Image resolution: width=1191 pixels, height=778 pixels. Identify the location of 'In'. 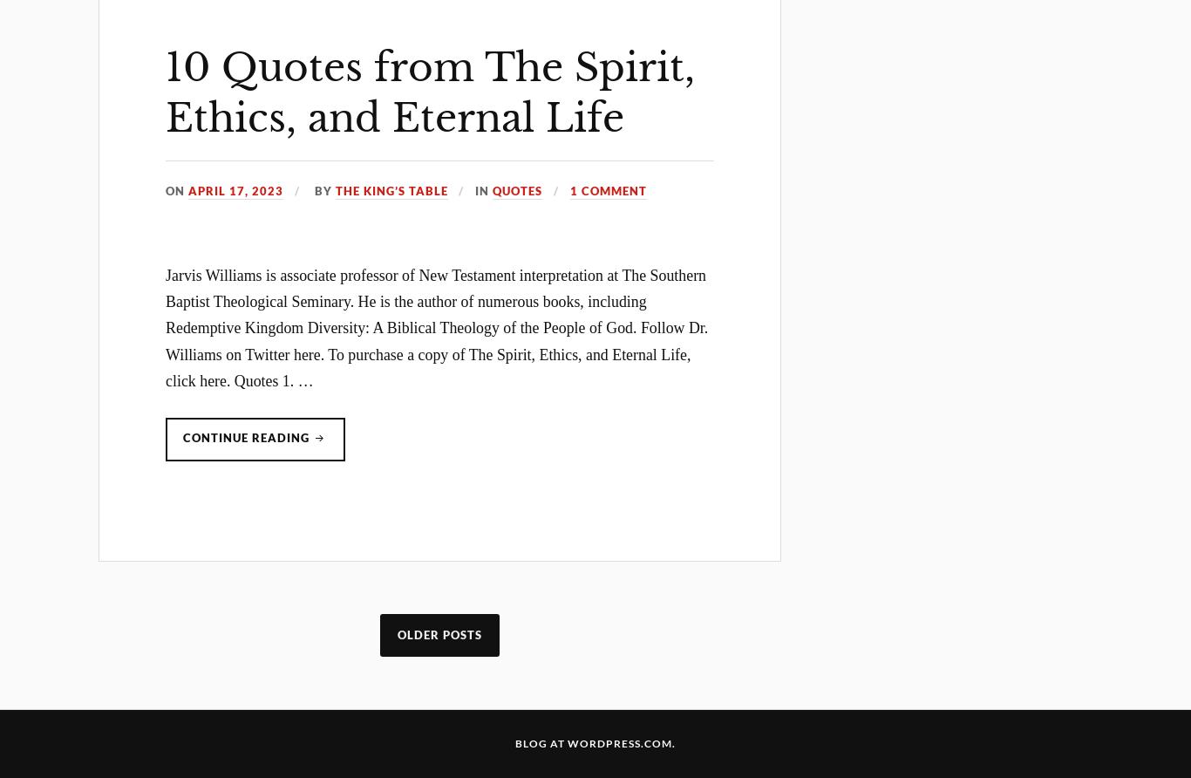
(475, 189).